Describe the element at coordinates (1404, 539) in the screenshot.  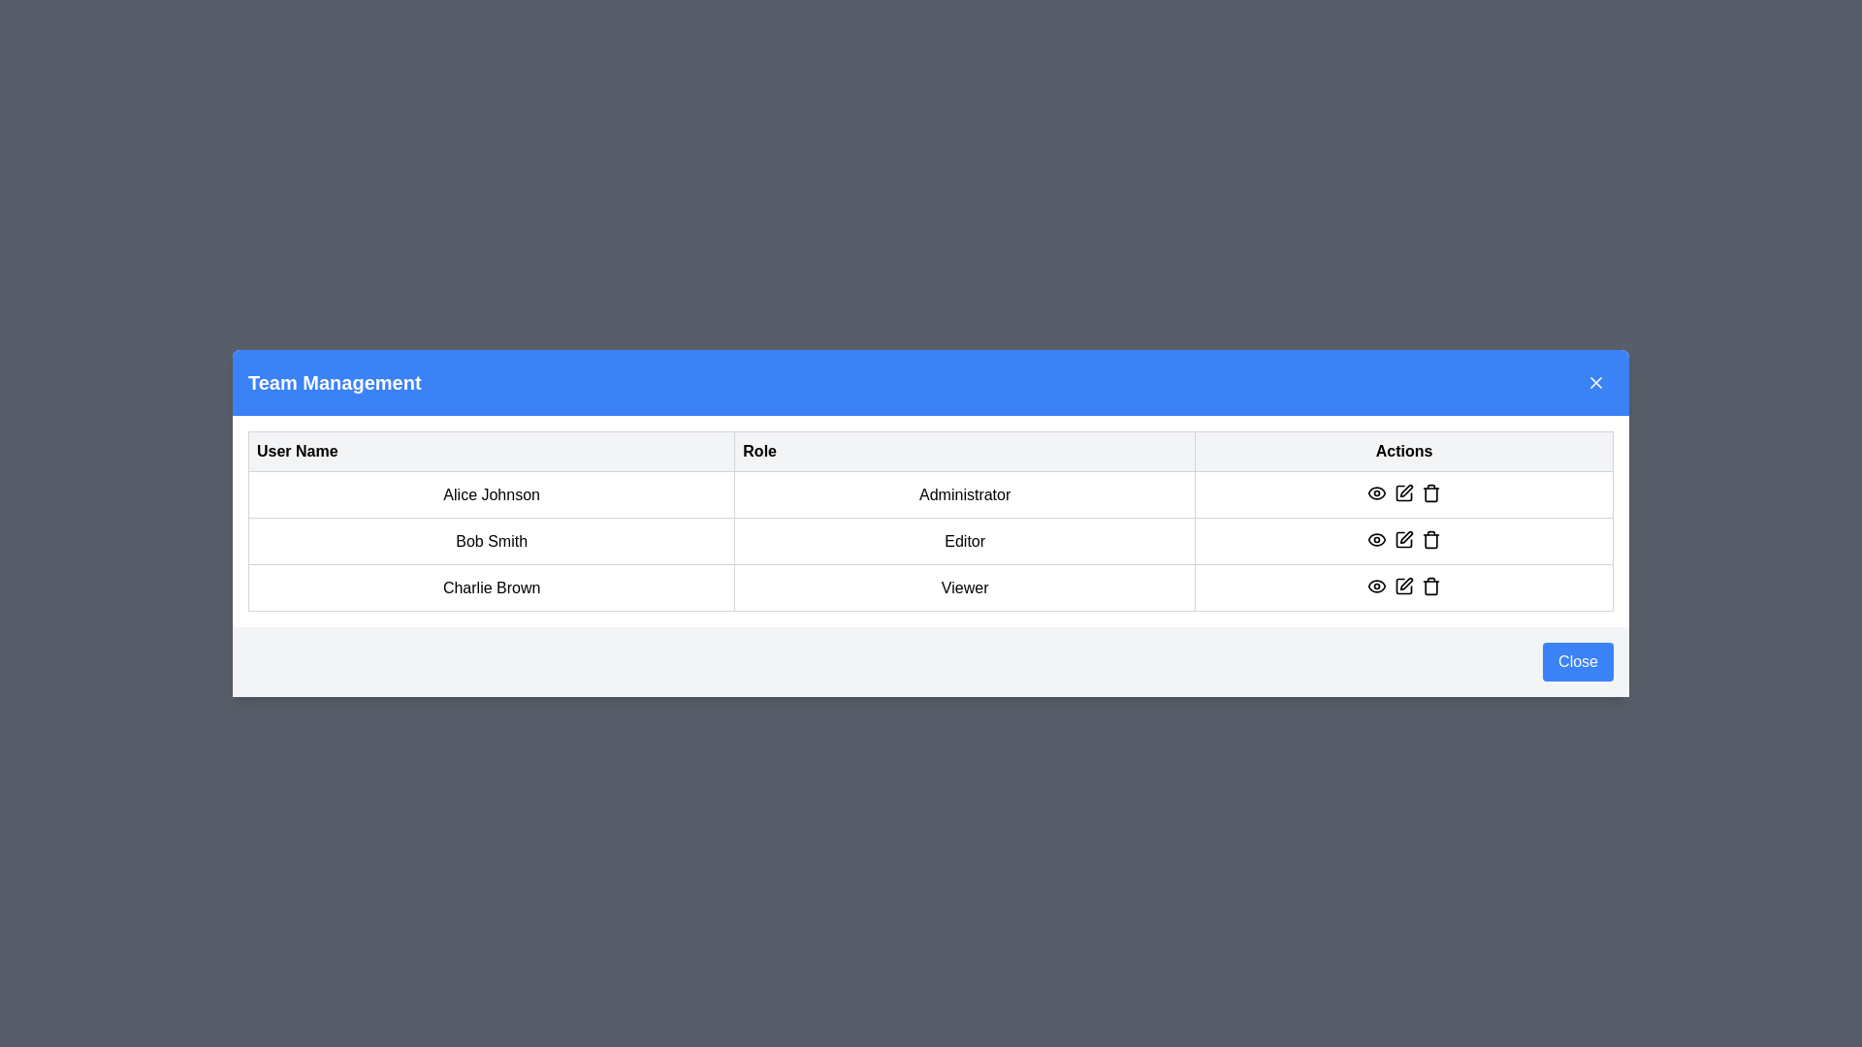
I see `the square-shaped icon button with a pen symbol to initiate editing for Bob Smith in the actions column of the table interface` at that location.